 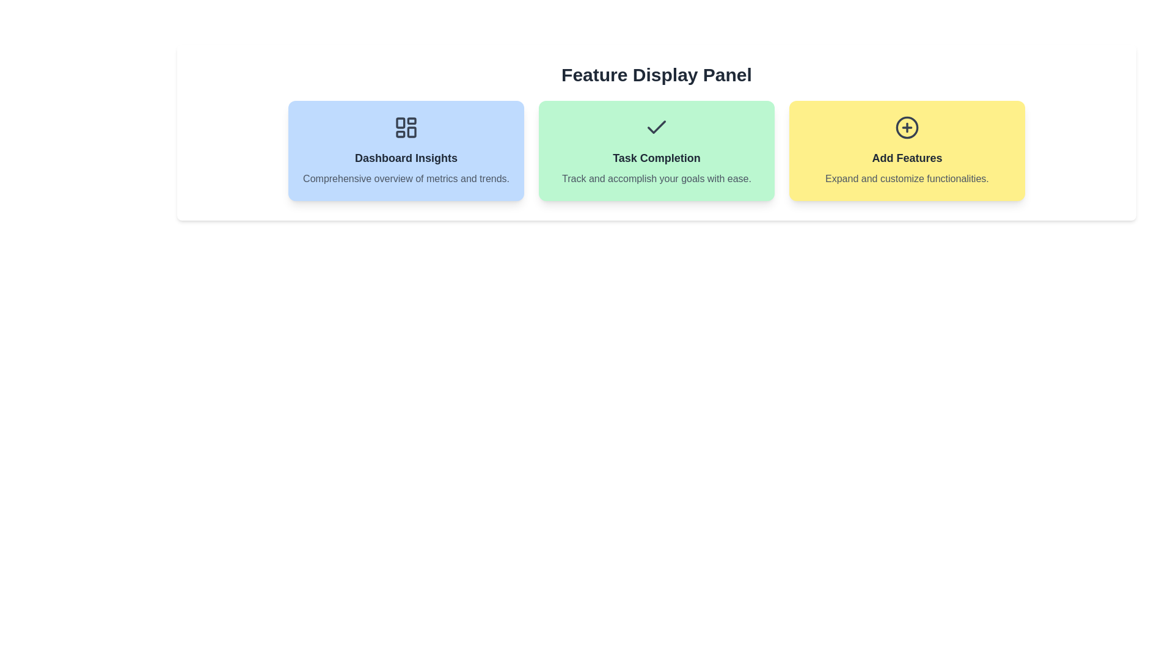 What do you see at coordinates (656, 127) in the screenshot?
I see `the SVG checkmark icon that is centrally aligned above the 'Task Completion' text in the green background box` at bounding box center [656, 127].